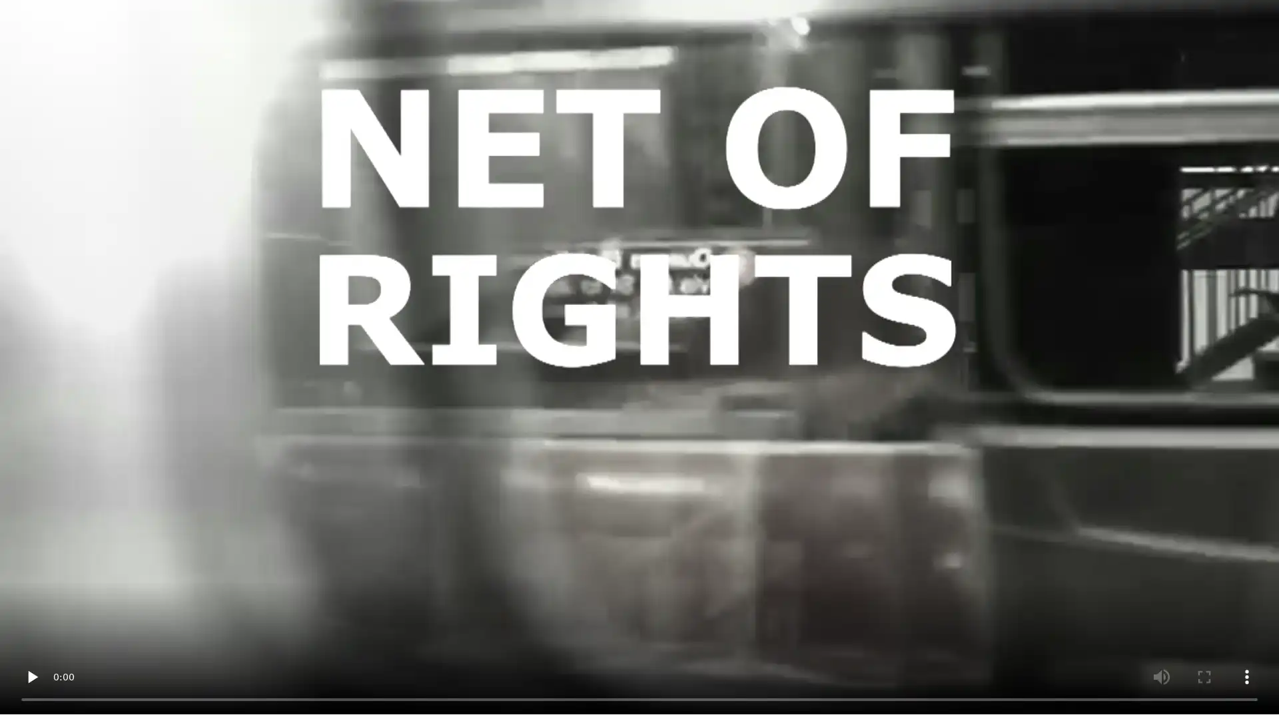 The height and width of the screenshot is (719, 1279). I want to click on enter full screen, so click(1204, 676).